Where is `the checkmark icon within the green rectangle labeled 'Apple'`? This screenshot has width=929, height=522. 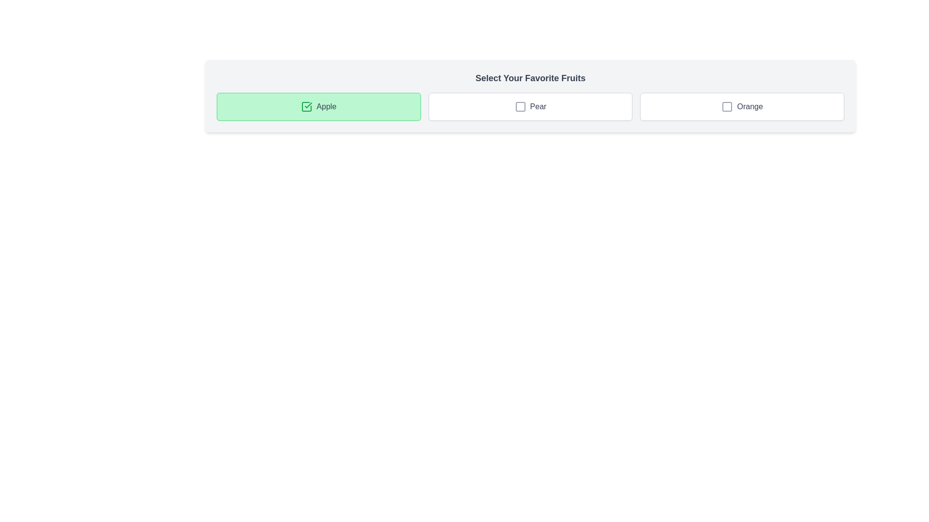 the checkmark icon within the green rectangle labeled 'Apple' is located at coordinates (308, 105).